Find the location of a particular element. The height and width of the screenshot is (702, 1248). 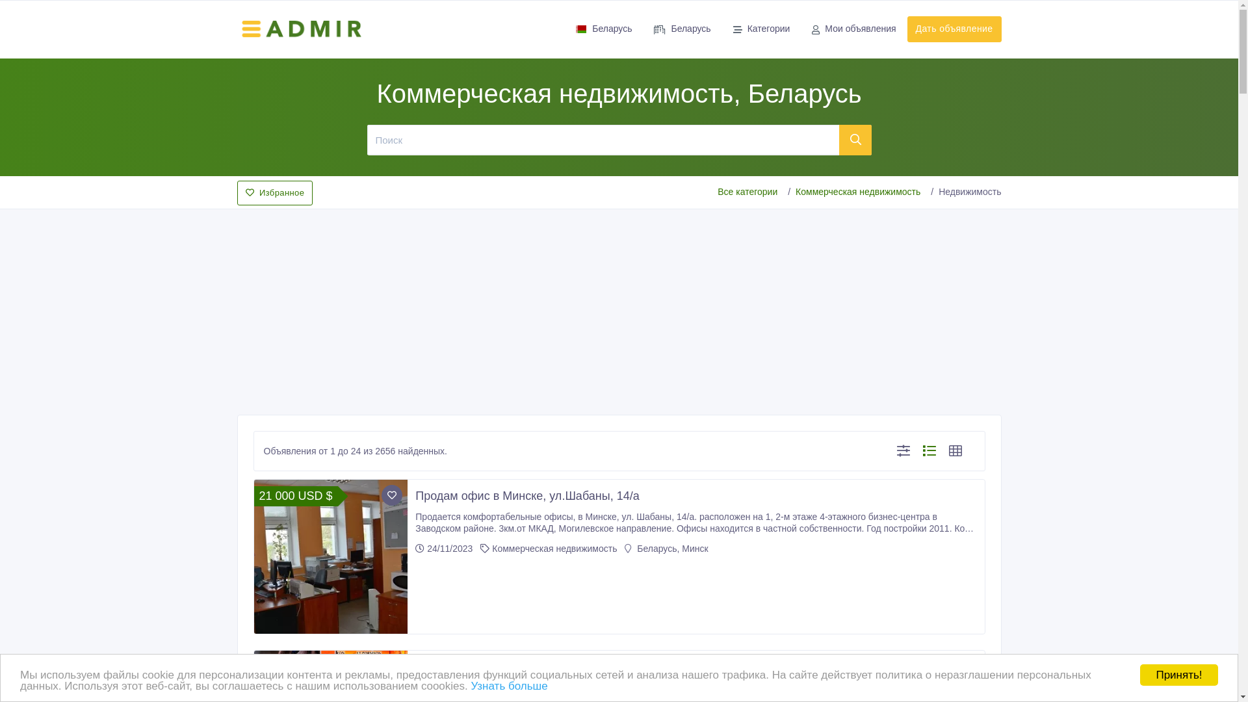

'Add to favorite' is located at coordinates (391, 495).